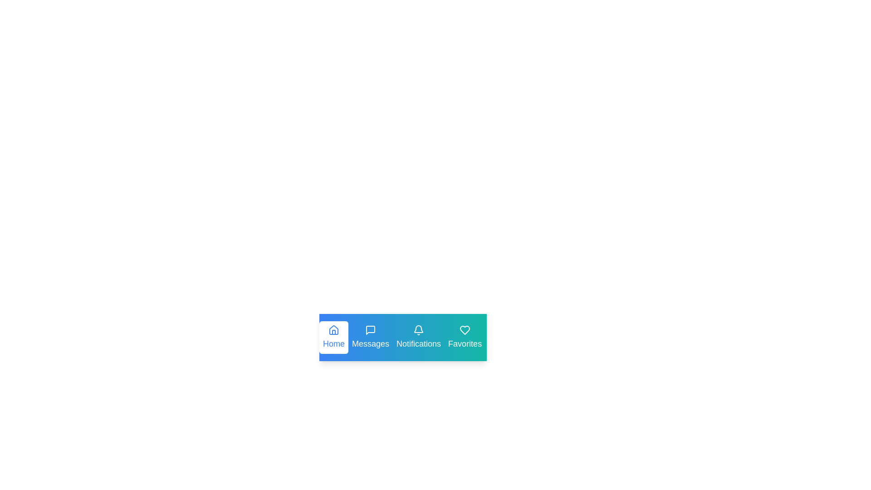 The image size is (871, 490). What do you see at coordinates (465, 338) in the screenshot?
I see `the Favorites tab by clicking on it` at bounding box center [465, 338].